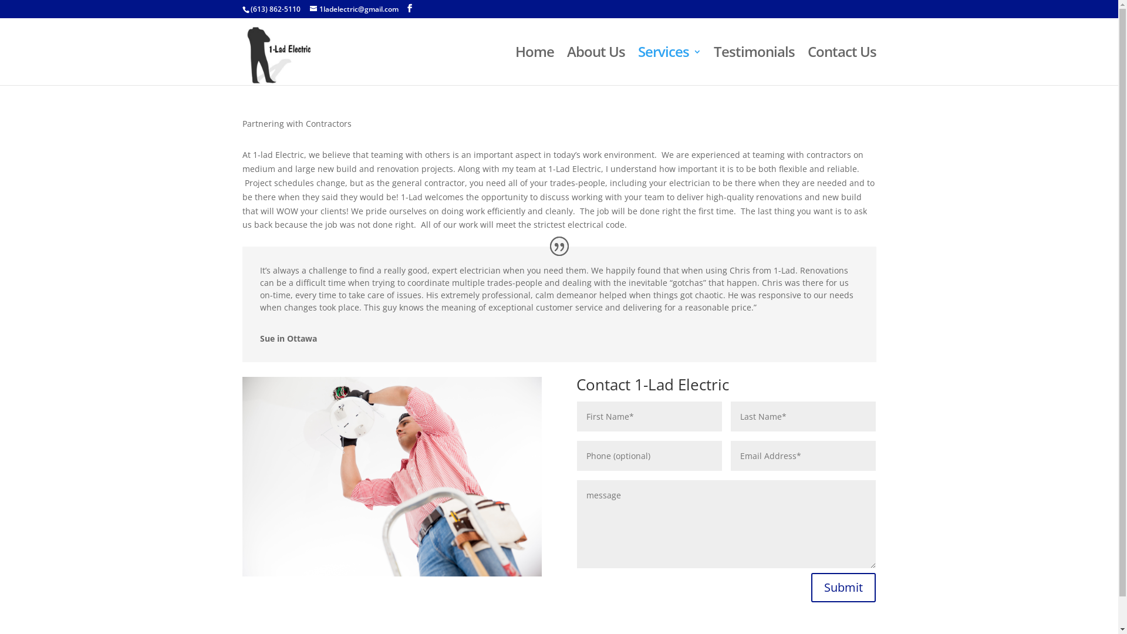 The image size is (1127, 634). Describe the element at coordinates (534, 66) in the screenshot. I see `'Home'` at that location.